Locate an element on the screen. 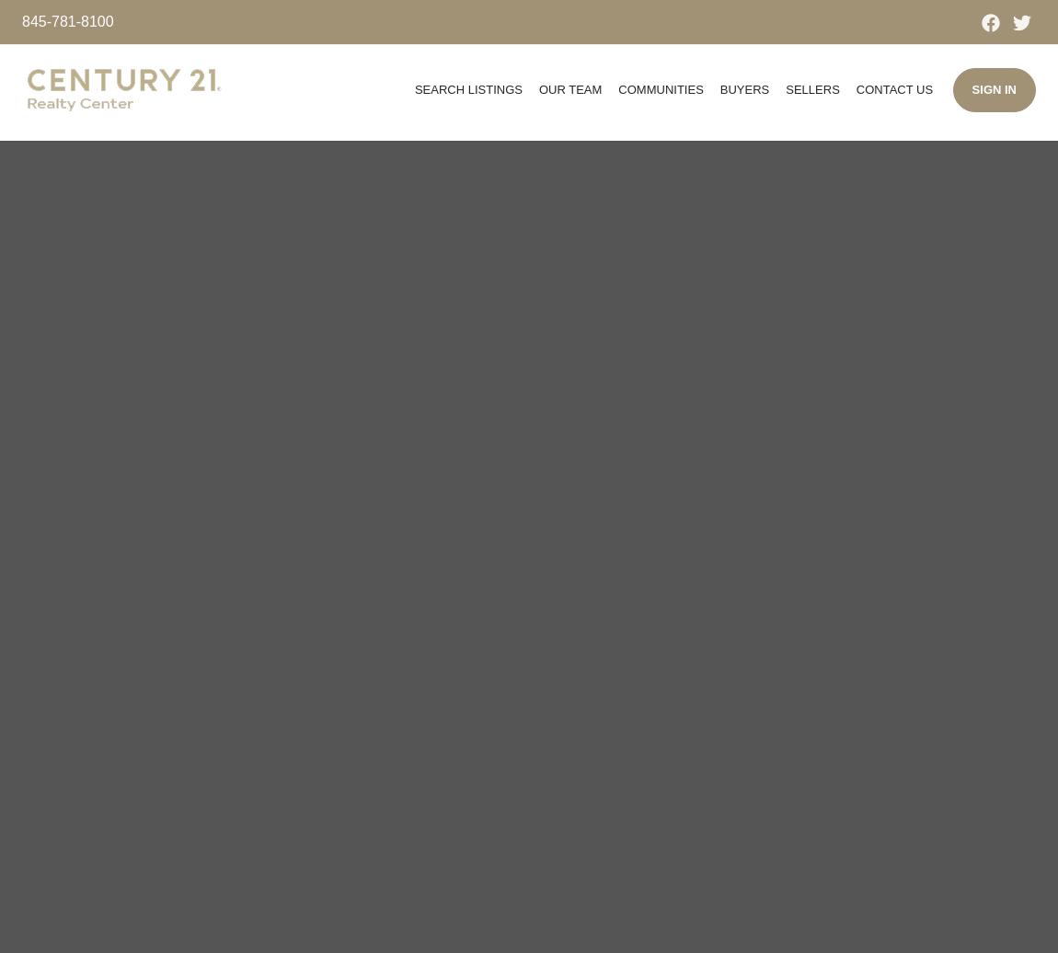  'TUXEDO' is located at coordinates (659, 245).